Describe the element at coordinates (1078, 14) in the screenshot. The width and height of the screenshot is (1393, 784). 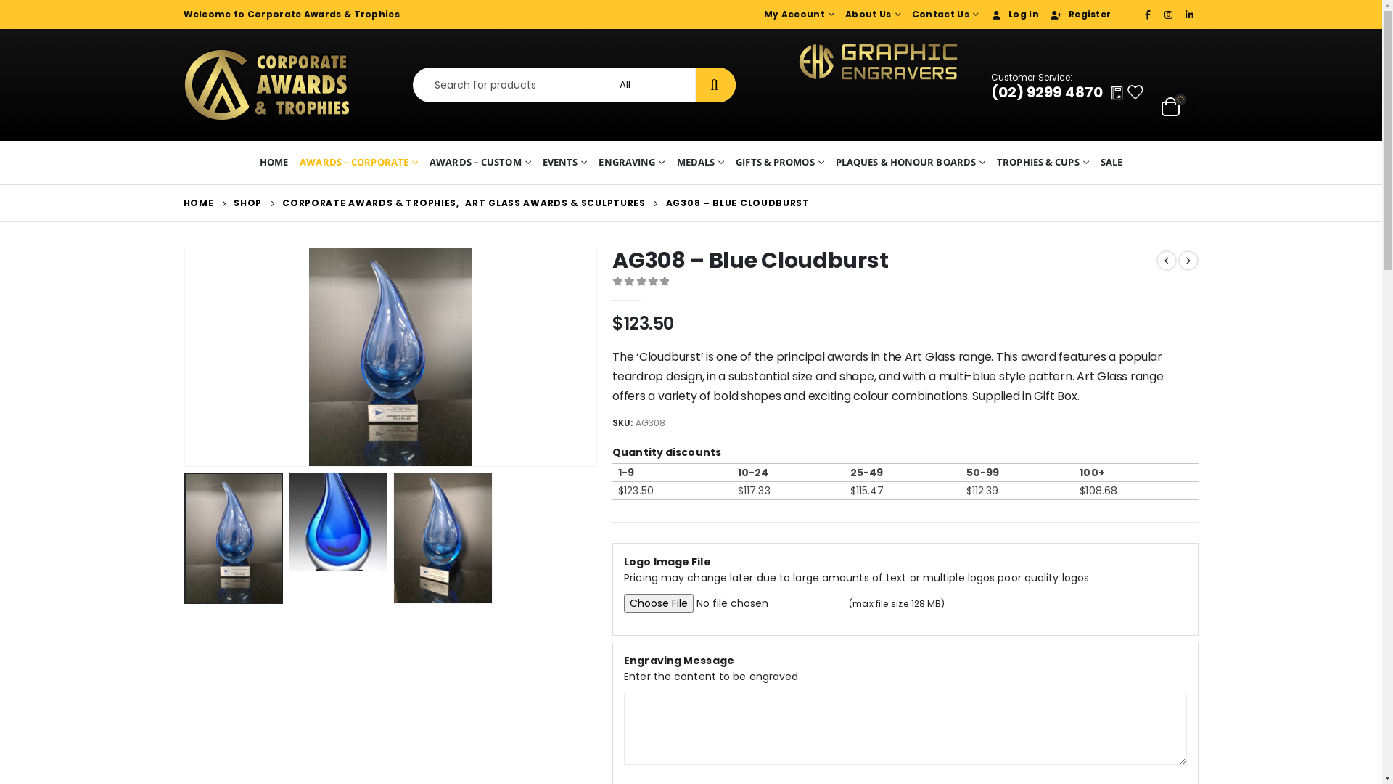
I see `'Register'` at that location.